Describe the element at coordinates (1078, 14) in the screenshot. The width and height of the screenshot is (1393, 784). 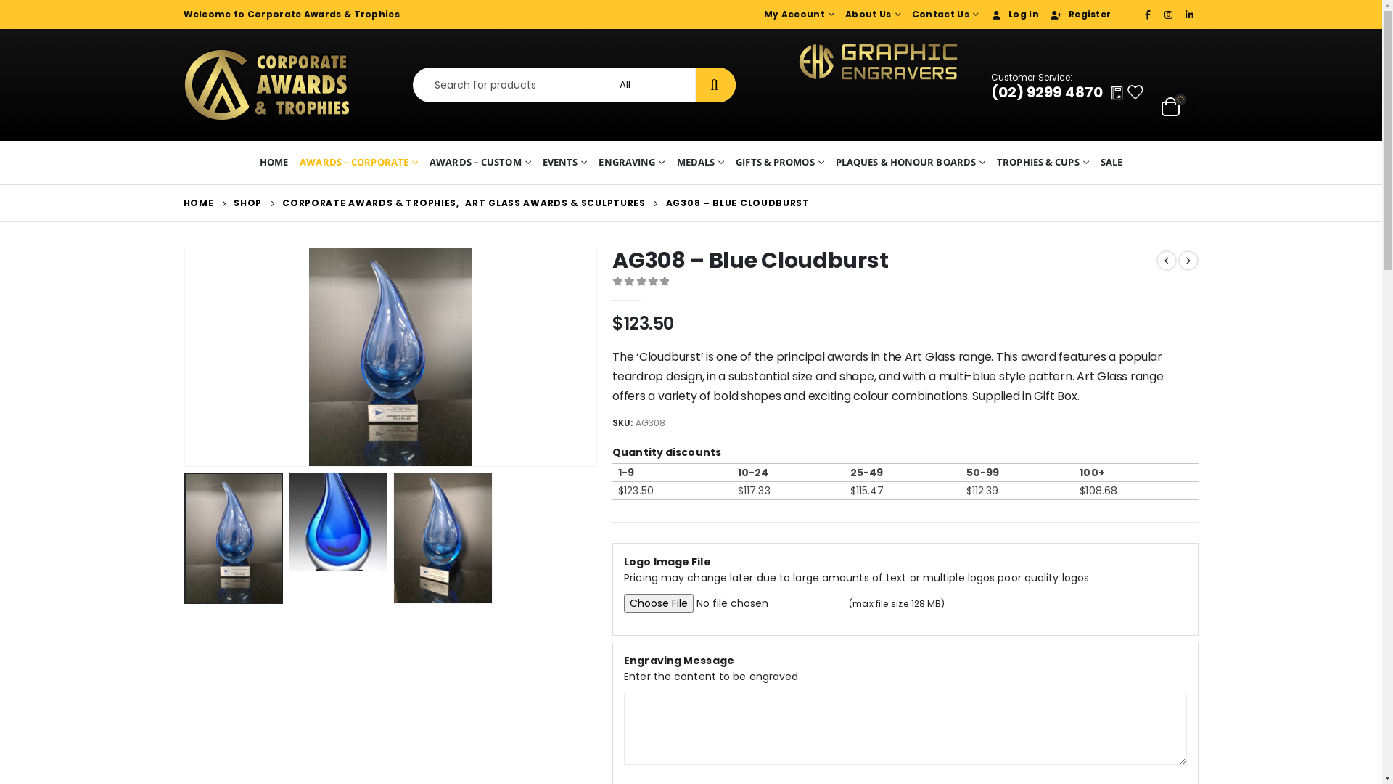
I see `'Register'` at that location.